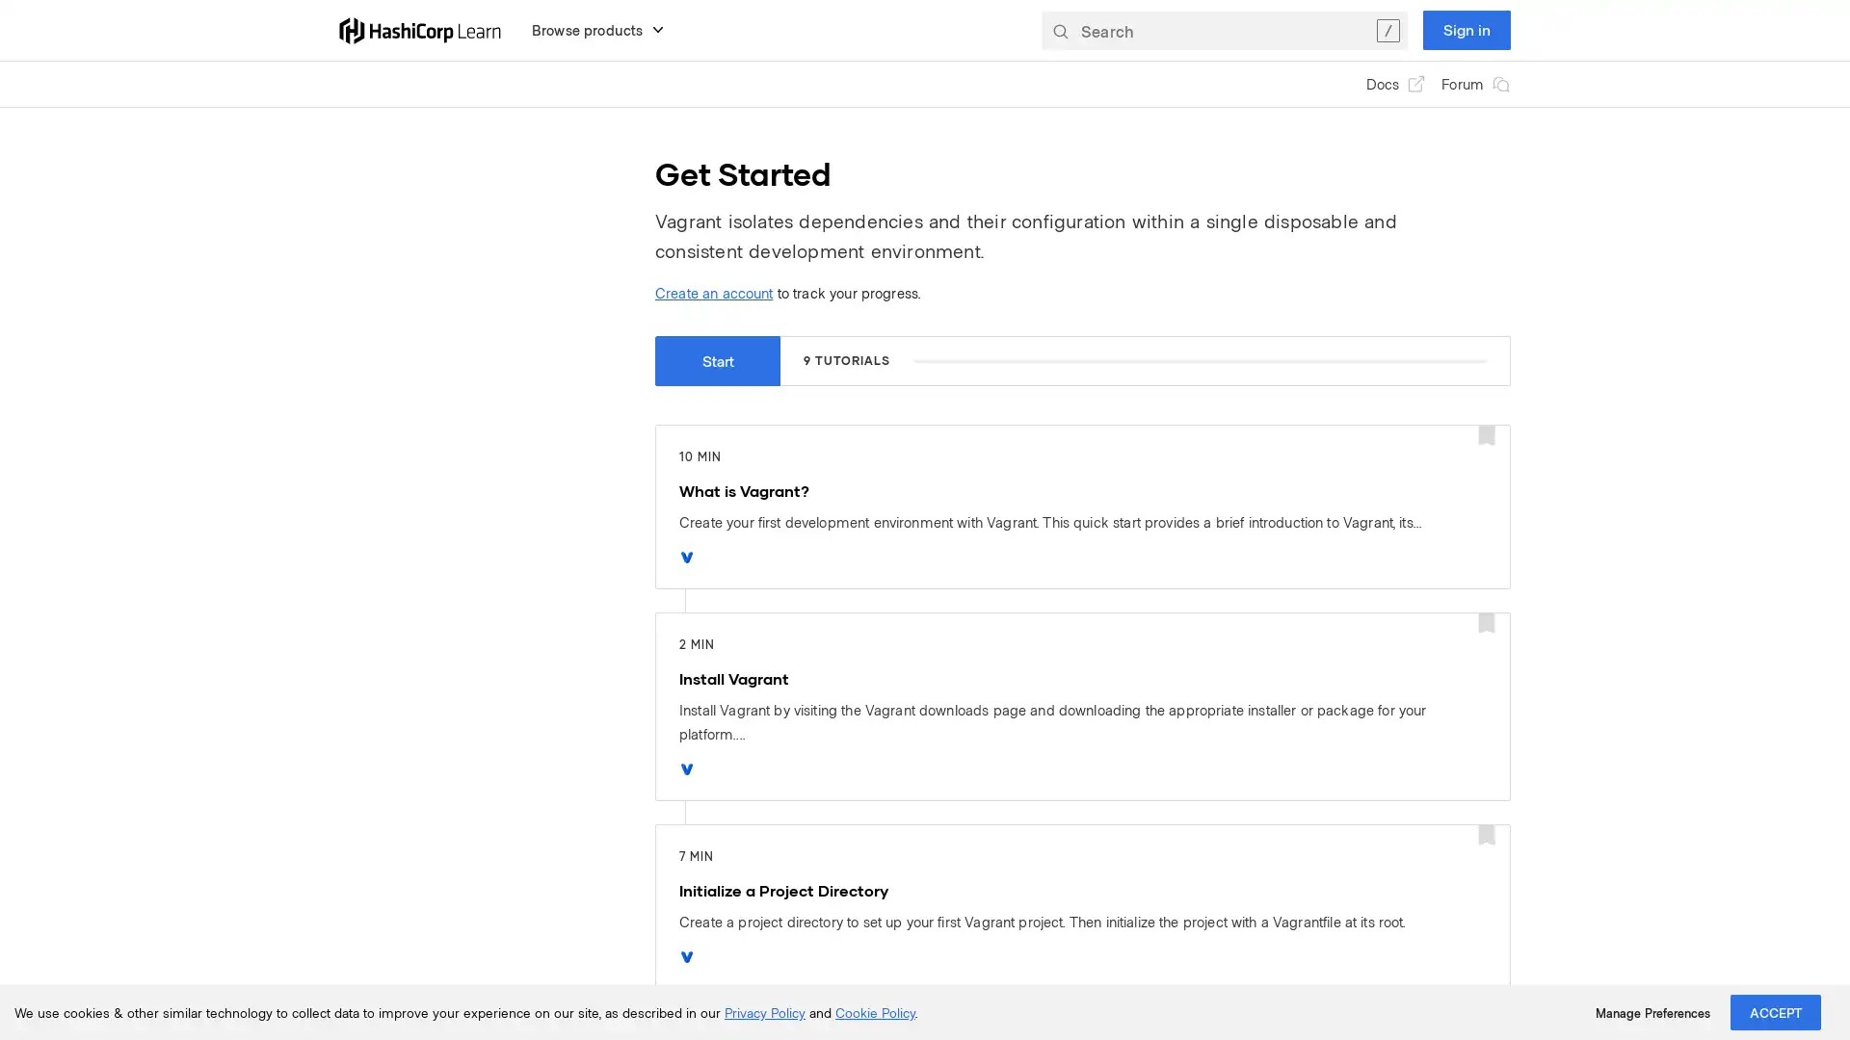  I want to click on Add bookmark for: Initialize a Project Directory, so click(1485, 835).